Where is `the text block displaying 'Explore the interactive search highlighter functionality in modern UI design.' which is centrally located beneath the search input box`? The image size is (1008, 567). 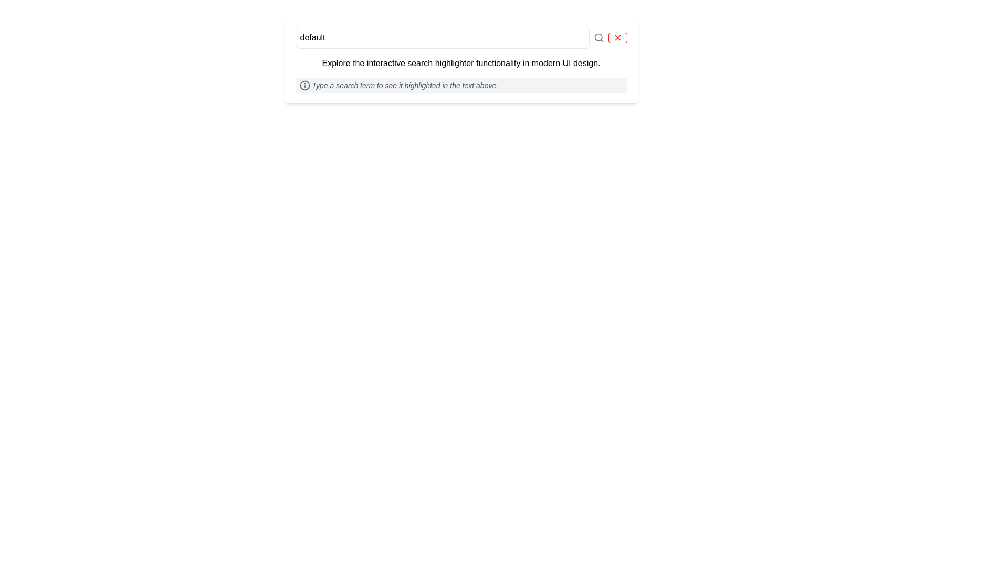
the text block displaying 'Explore the interactive search highlighter functionality in modern UI design.' which is centrally located beneath the search input box is located at coordinates (461, 63).